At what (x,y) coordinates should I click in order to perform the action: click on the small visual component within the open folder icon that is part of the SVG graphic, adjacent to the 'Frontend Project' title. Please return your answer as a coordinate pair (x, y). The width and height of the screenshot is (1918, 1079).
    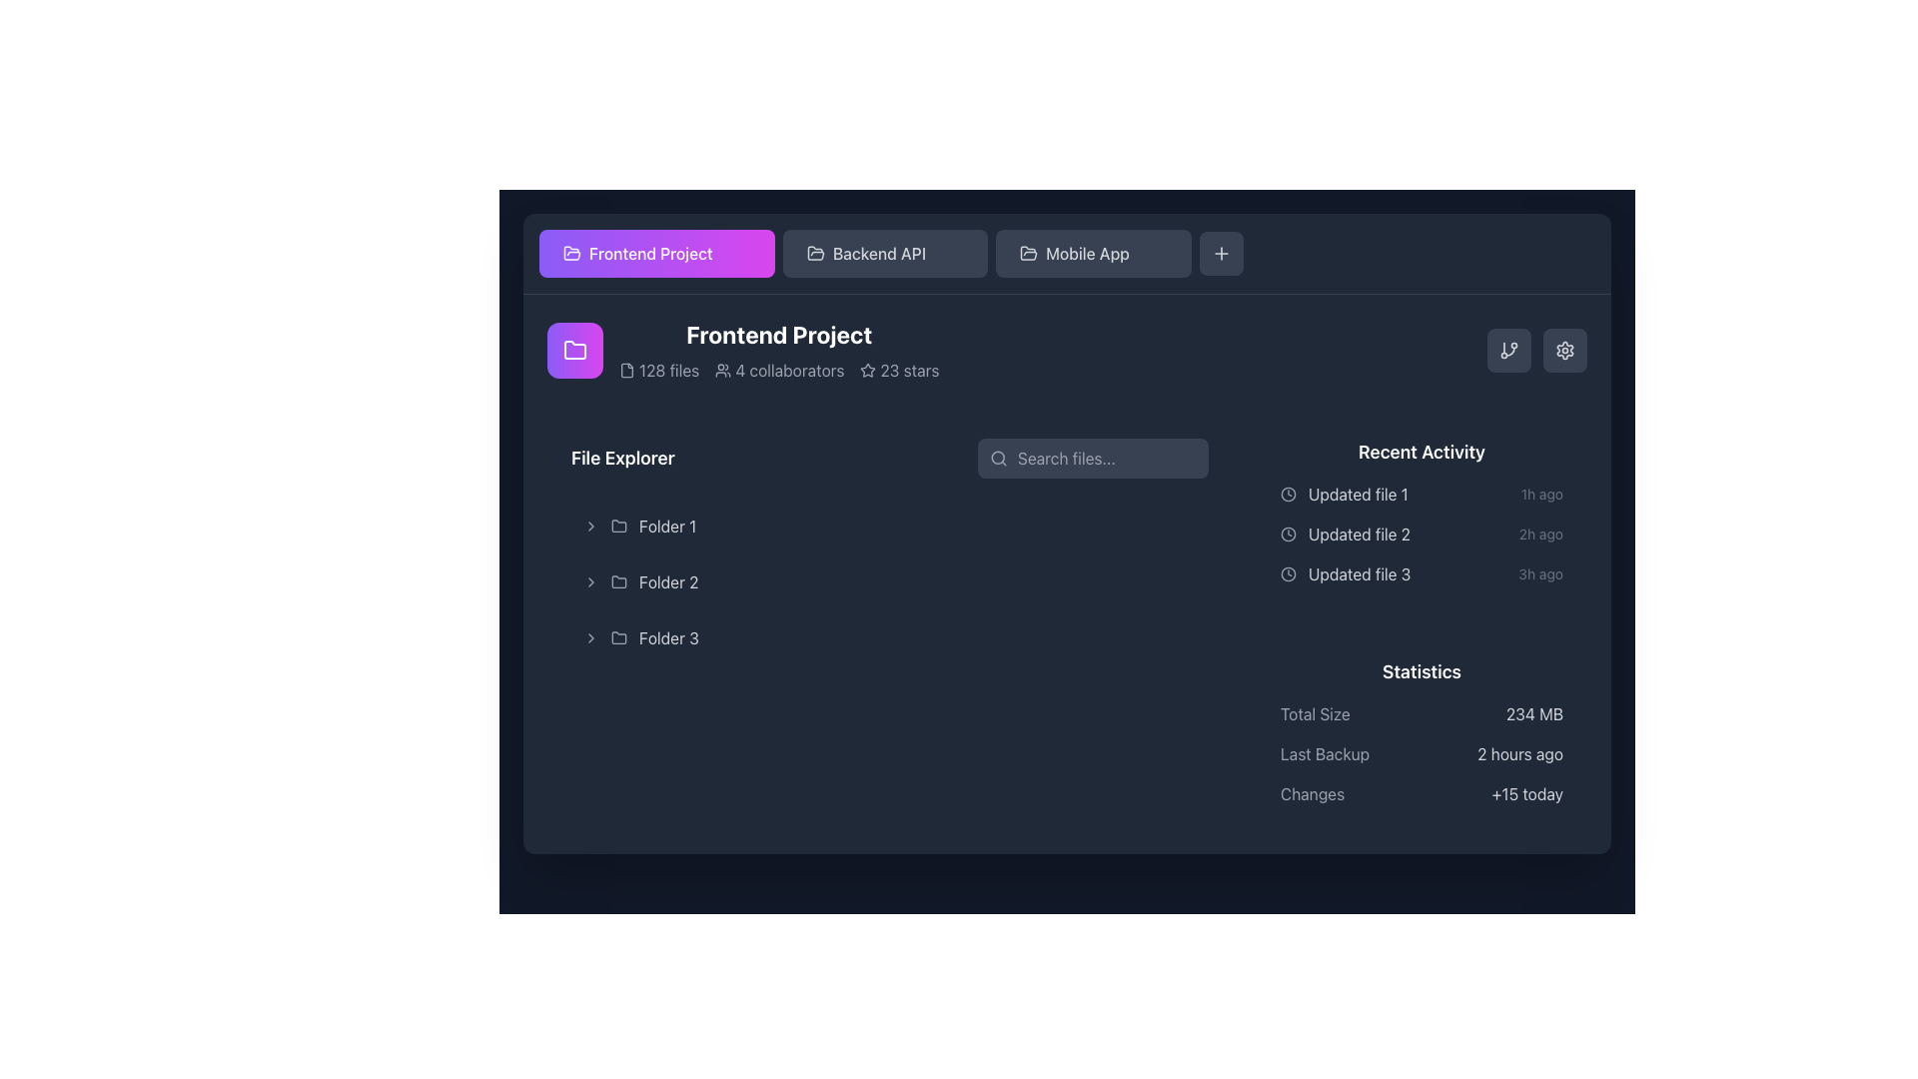
    Looking at the image, I should click on (570, 252).